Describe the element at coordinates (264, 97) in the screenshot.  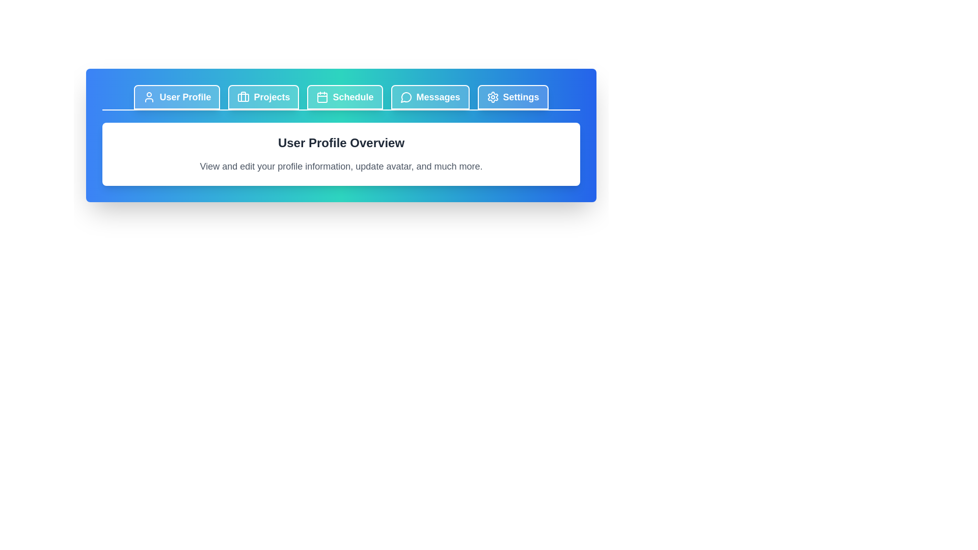
I see `the 'Projects' navigation tab in the horizontal navigation bar` at that location.